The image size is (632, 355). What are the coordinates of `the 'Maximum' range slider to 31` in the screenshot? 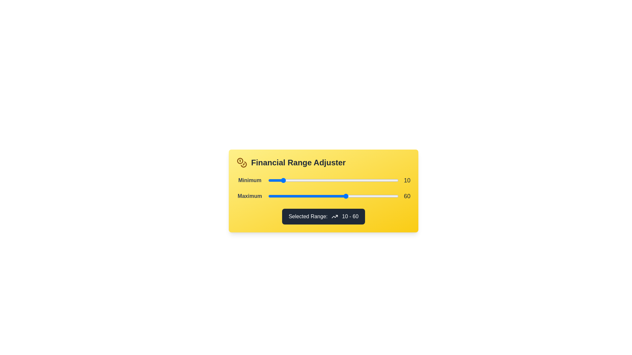 It's located at (308, 196).